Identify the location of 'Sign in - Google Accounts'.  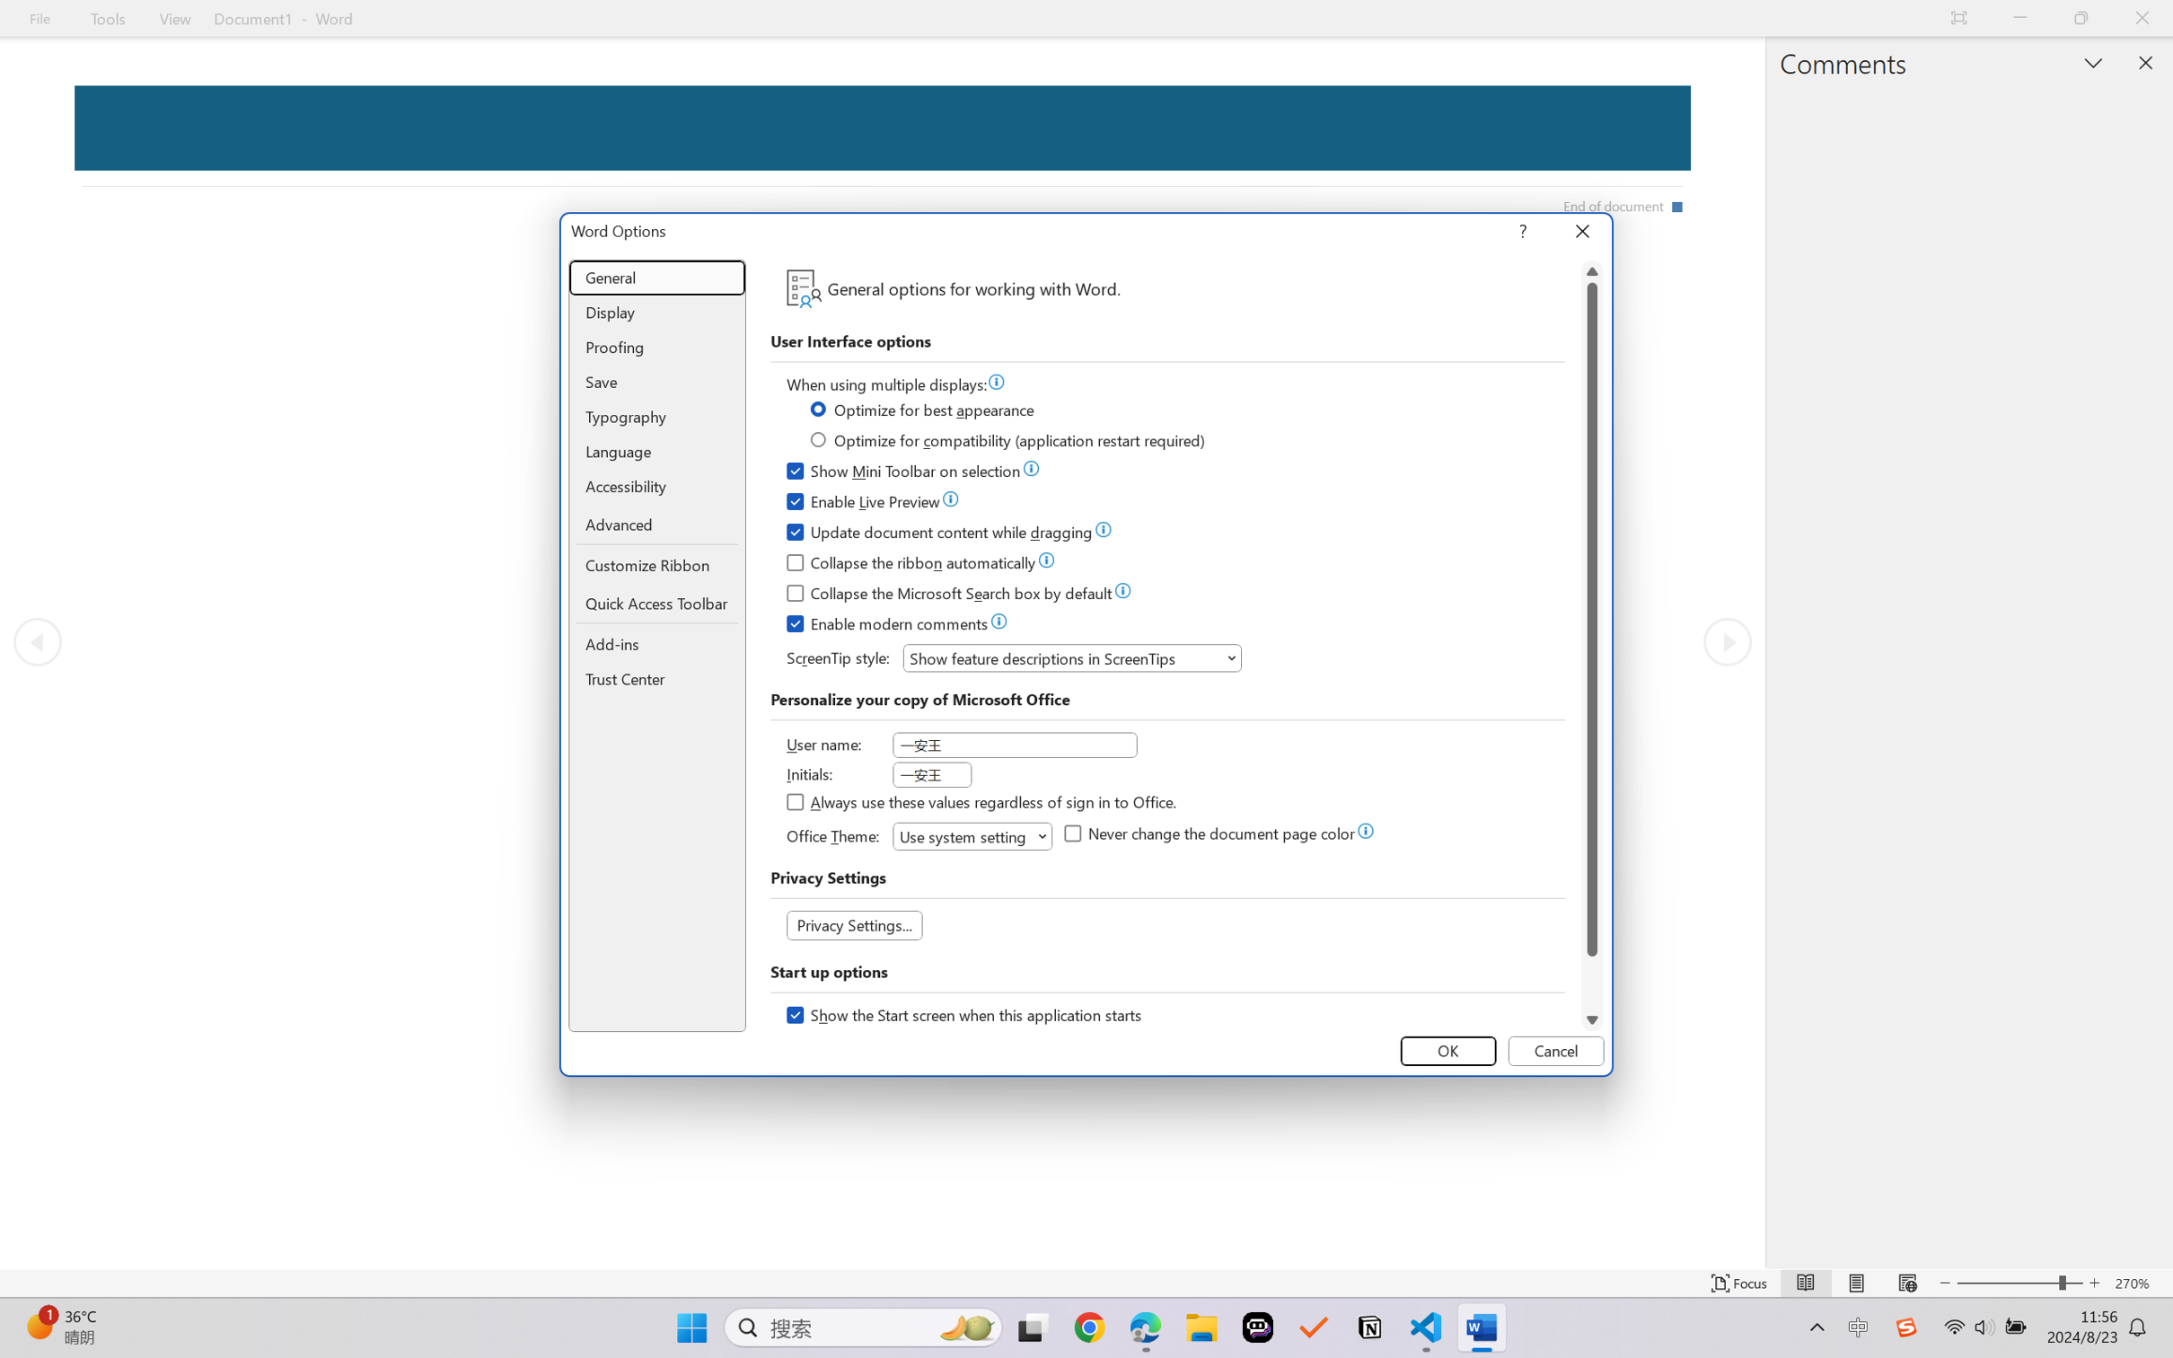
(66, 18).